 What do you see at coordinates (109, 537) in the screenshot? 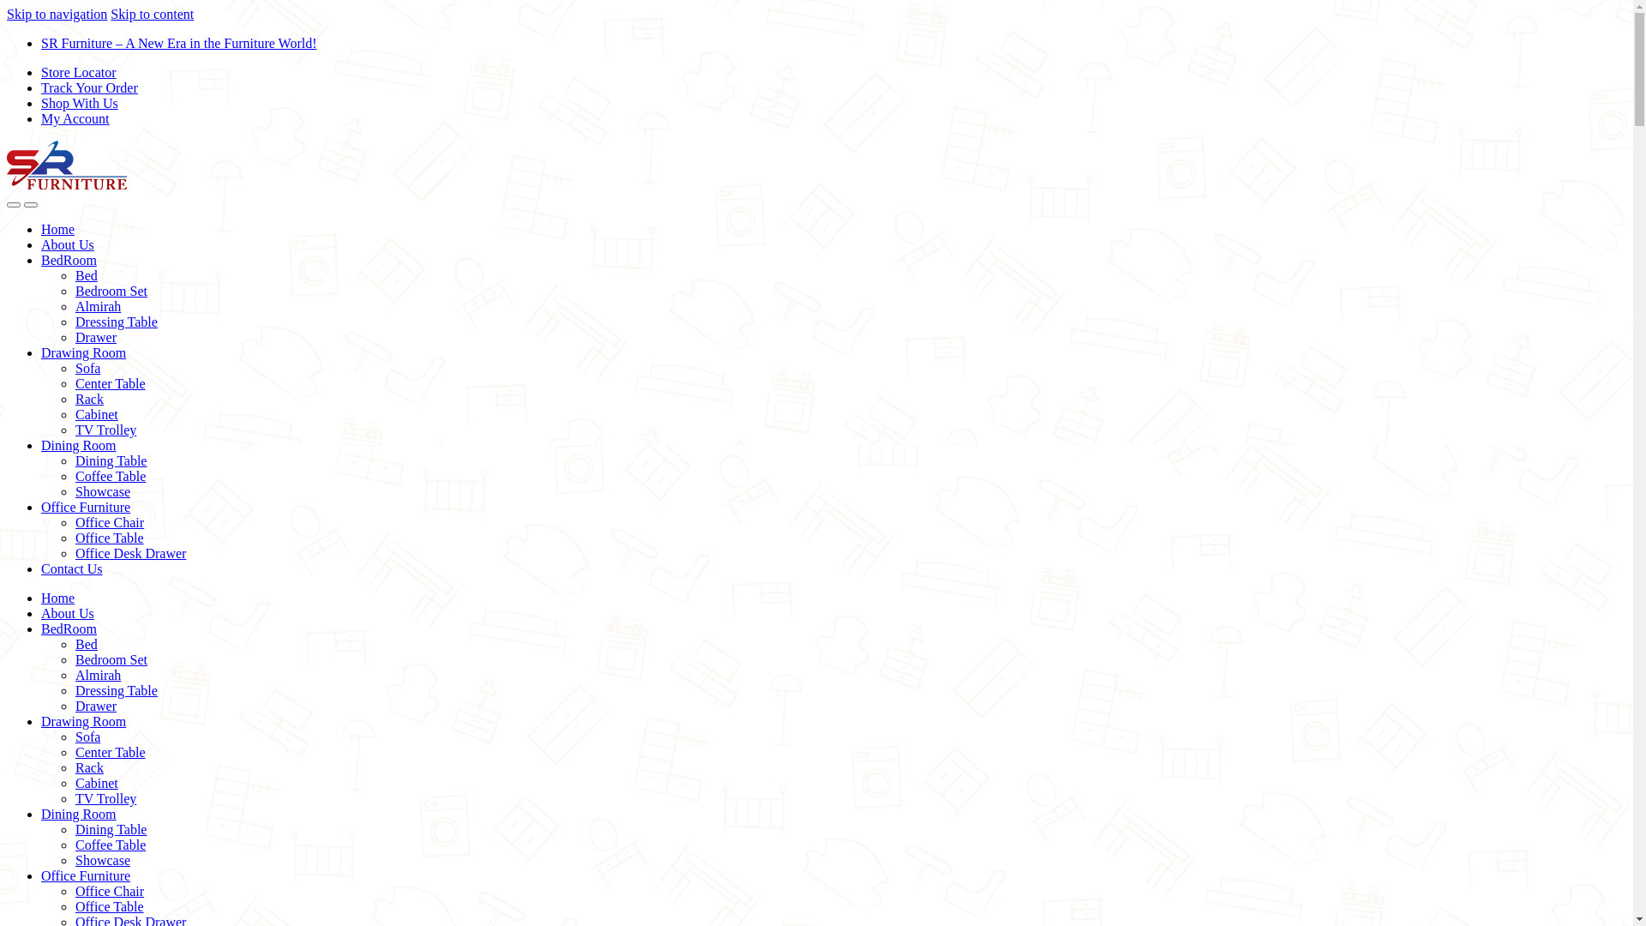
I see `'Office Table'` at bounding box center [109, 537].